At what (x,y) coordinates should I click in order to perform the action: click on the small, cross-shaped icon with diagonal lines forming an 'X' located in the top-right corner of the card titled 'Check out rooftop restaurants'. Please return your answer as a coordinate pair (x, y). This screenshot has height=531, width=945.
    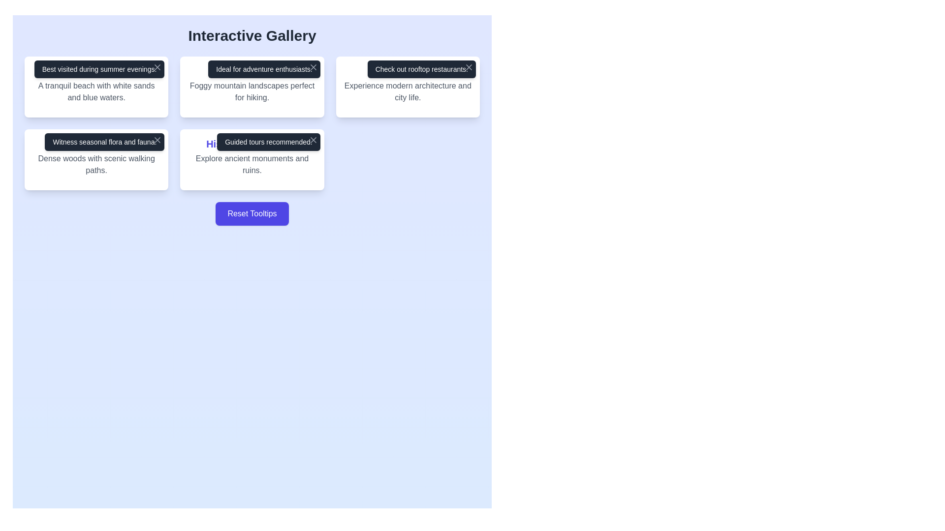
    Looking at the image, I should click on (469, 67).